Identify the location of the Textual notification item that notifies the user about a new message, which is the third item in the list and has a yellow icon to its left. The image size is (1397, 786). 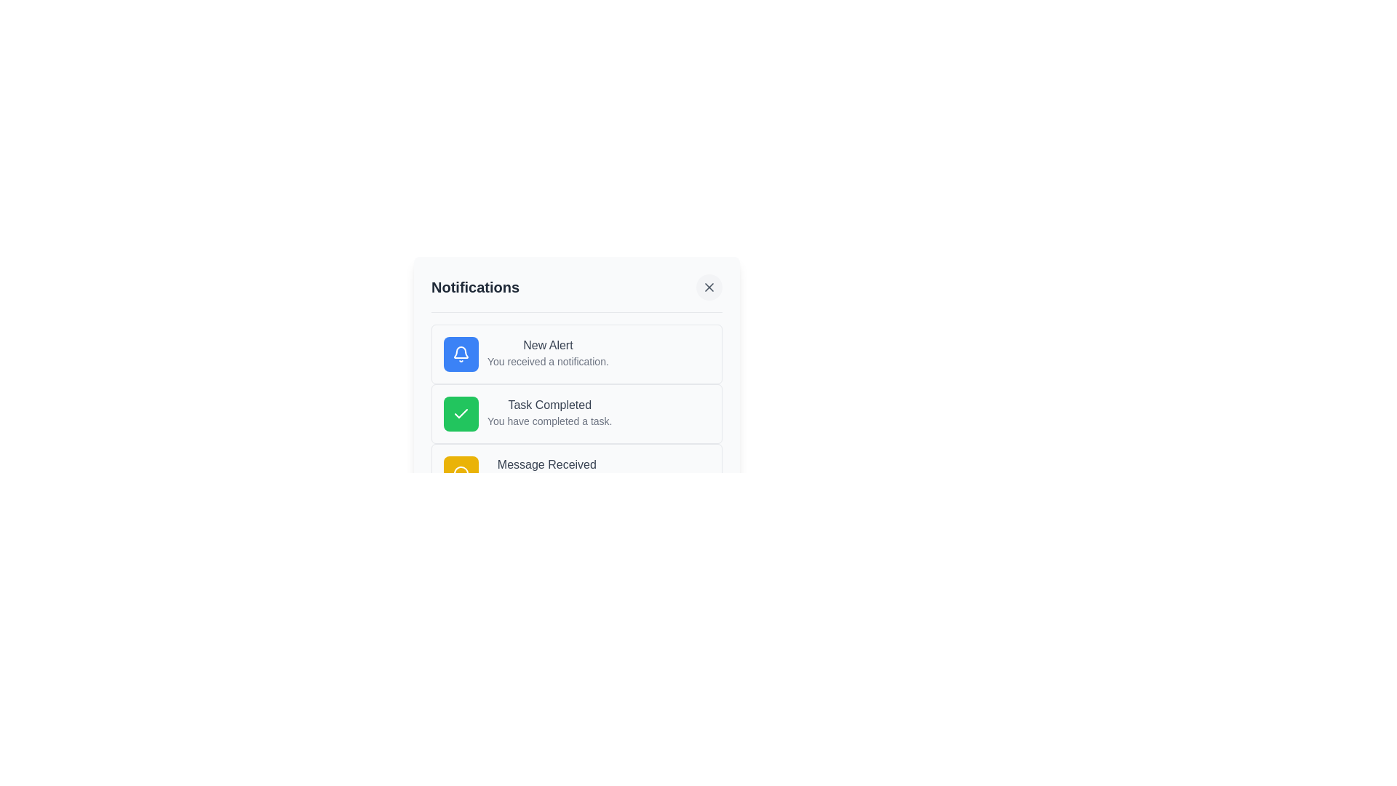
(546, 472).